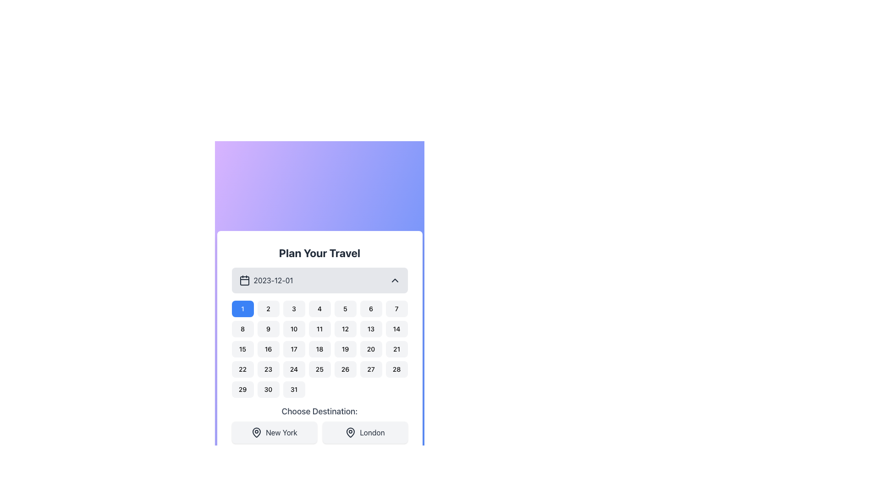  I want to click on the button representing the 31st day in the calendar grid, so click(294, 389).